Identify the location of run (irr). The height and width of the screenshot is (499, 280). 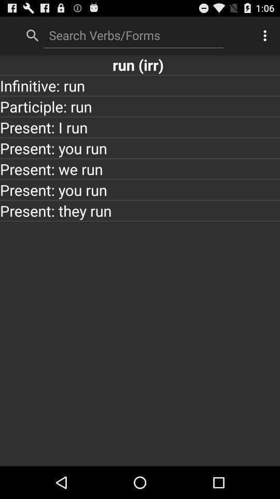
(140, 64).